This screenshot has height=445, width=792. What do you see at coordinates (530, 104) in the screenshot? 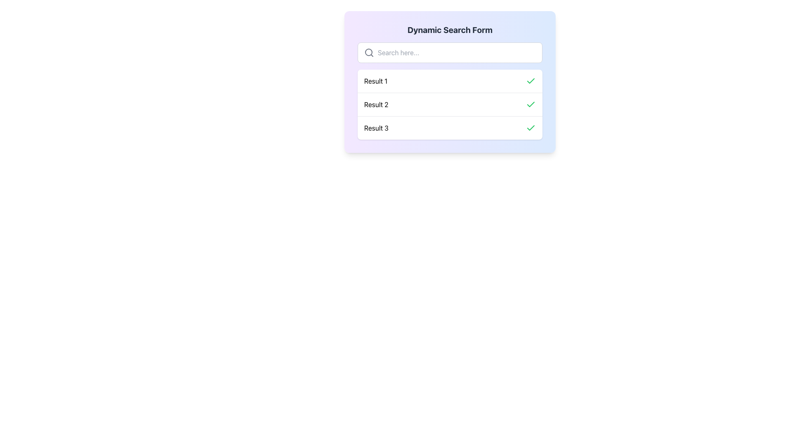
I see `the status indicator icon located to the right of the list item 'Result 2', which signifies the selection or completion of this item` at bounding box center [530, 104].